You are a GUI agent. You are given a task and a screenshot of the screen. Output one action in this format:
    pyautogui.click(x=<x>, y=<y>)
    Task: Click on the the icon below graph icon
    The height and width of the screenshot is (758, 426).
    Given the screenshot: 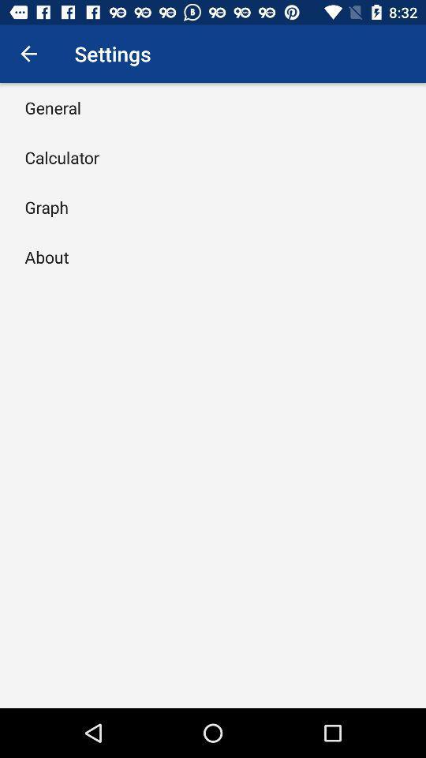 What is the action you would take?
    pyautogui.click(x=47, y=257)
    